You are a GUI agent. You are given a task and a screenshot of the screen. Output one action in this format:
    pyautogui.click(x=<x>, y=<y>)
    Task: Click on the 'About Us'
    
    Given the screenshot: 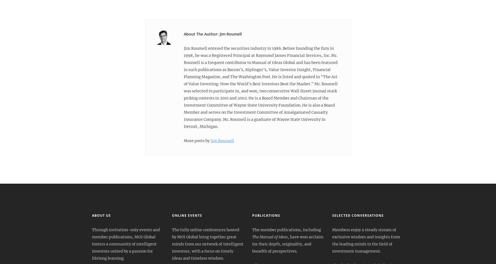 What is the action you would take?
    pyautogui.click(x=101, y=215)
    